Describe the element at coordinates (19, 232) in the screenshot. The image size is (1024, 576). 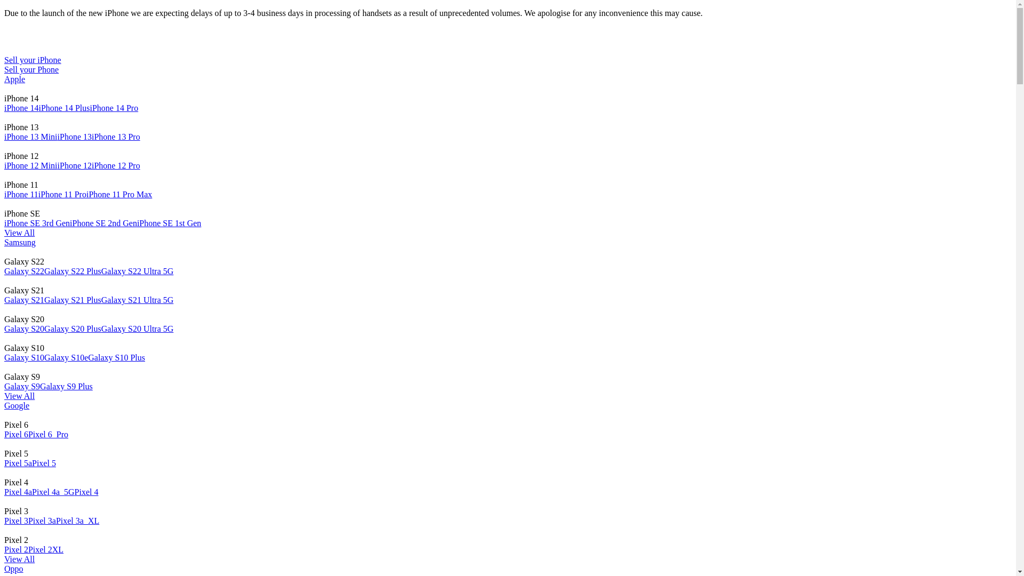
I see `'View All'` at that location.